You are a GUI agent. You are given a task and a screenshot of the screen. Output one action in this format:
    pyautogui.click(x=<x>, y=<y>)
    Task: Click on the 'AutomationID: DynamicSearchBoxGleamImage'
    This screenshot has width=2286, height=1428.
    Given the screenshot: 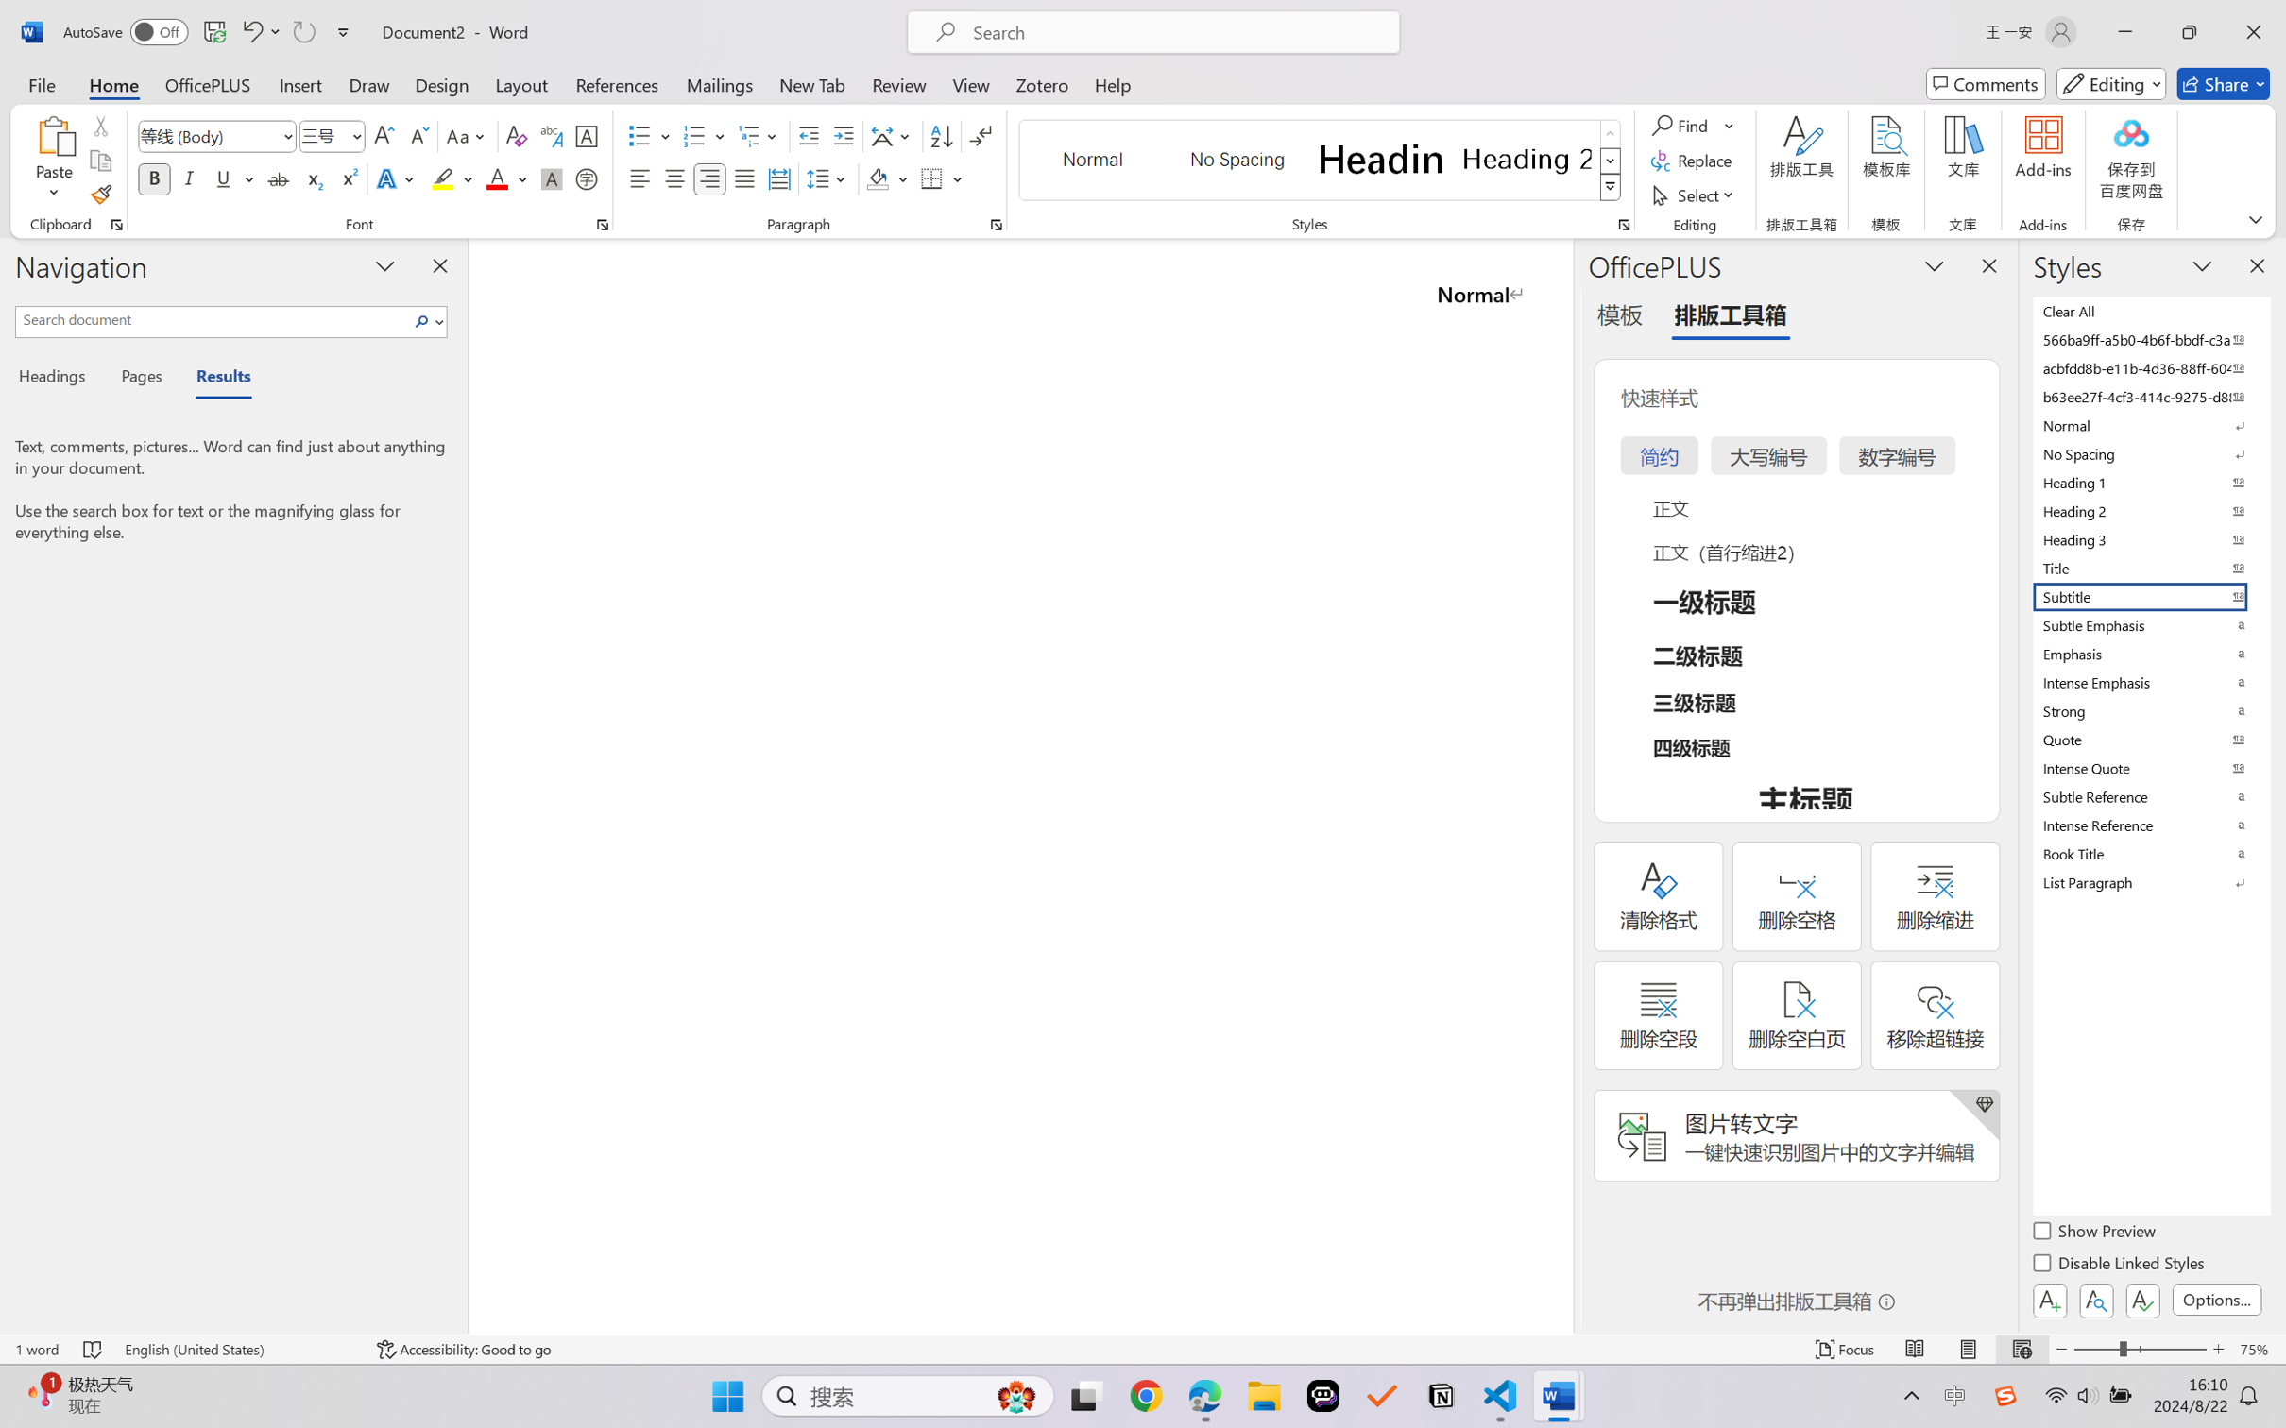 What is the action you would take?
    pyautogui.click(x=1016, y=1396)
    